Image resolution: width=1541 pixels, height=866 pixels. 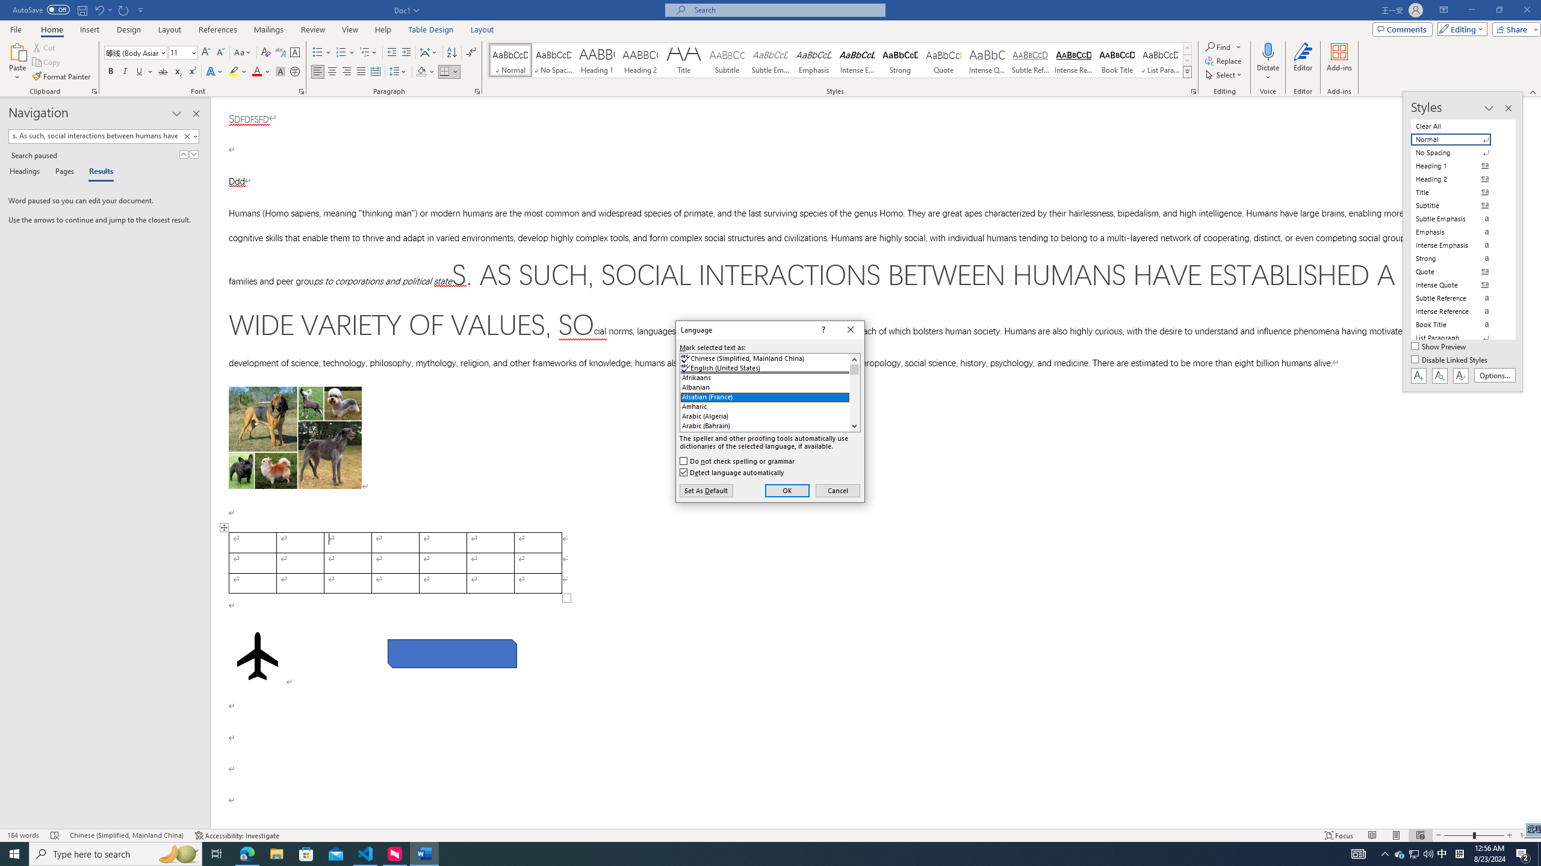 I want to click on 'Action Center, 2 new notifications', so click(x=1523, y=853).